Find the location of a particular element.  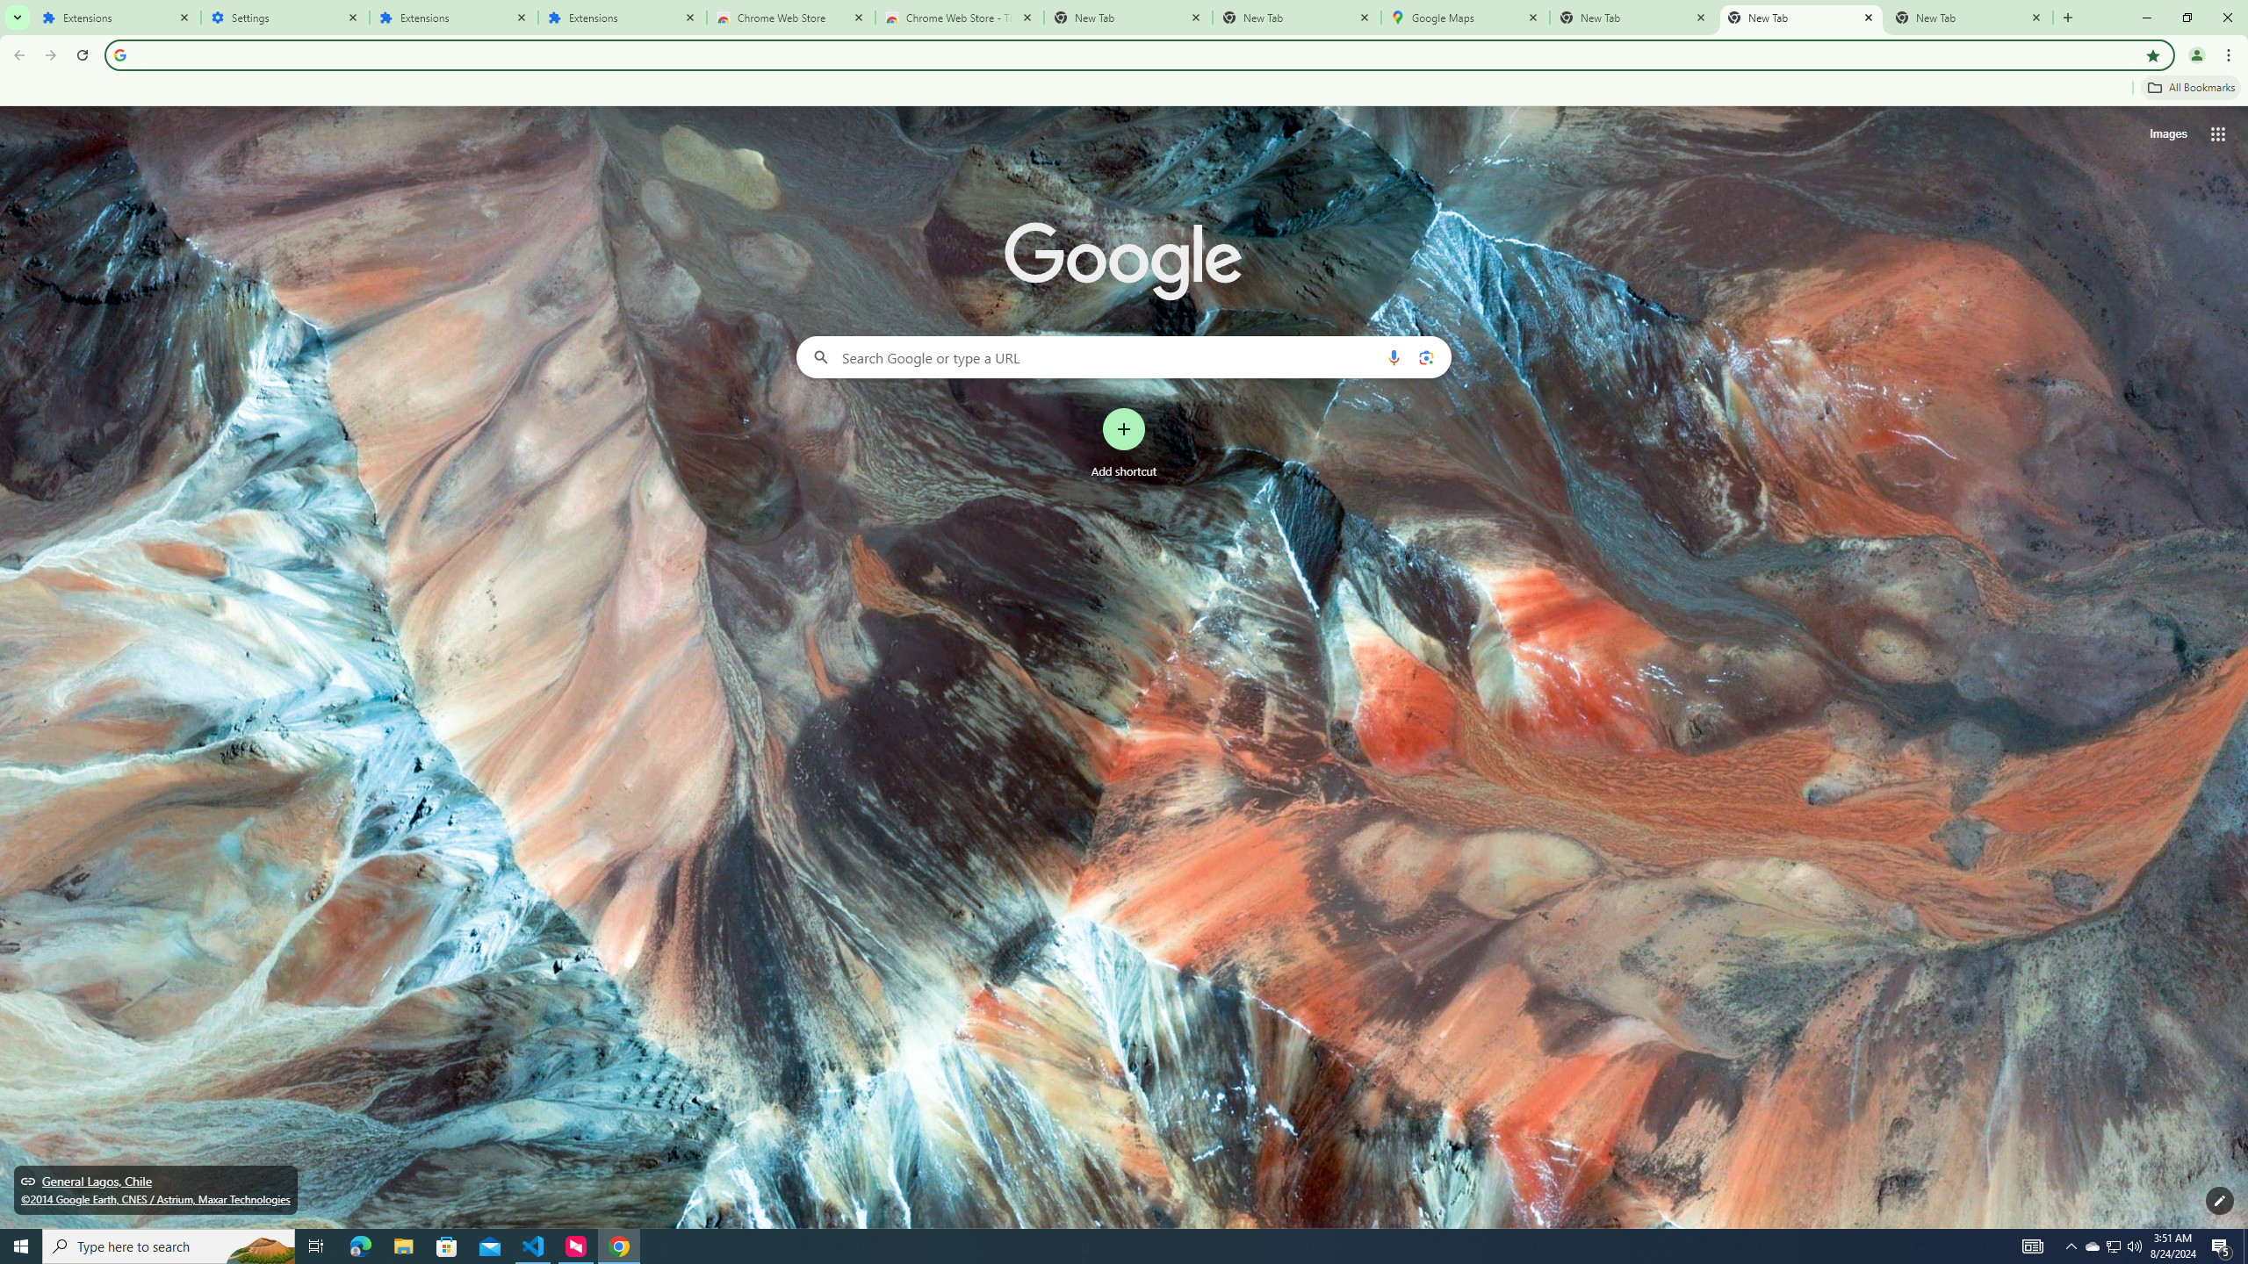

'Settings' is located at coordinates (285, 17).